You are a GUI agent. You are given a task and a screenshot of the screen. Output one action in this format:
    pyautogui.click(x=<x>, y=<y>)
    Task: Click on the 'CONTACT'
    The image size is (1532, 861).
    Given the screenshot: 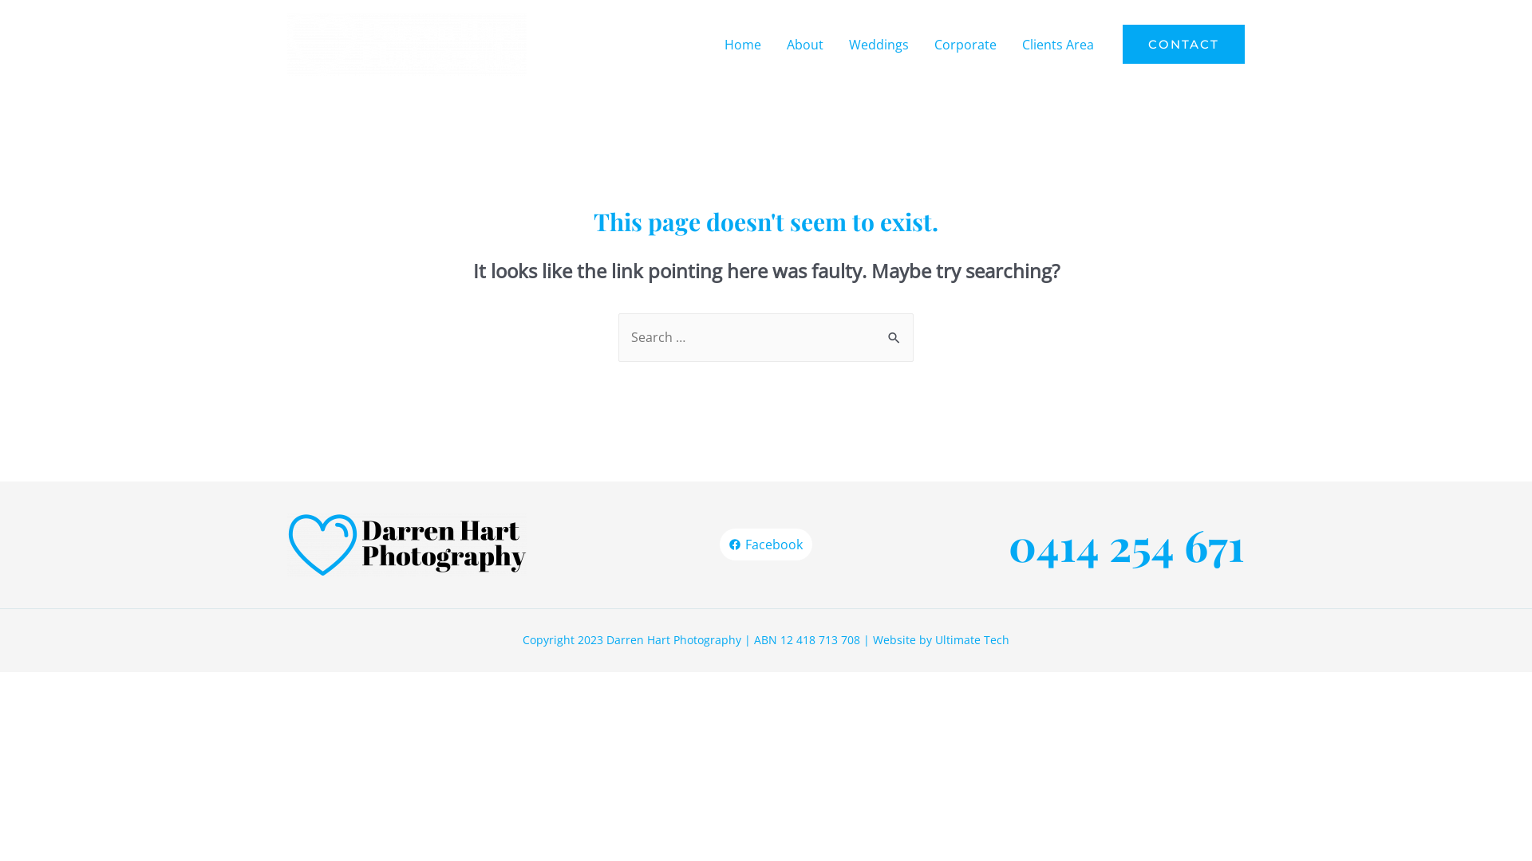 What is the action you would take?
    pyautogui.click(x=1183, y=43)
    